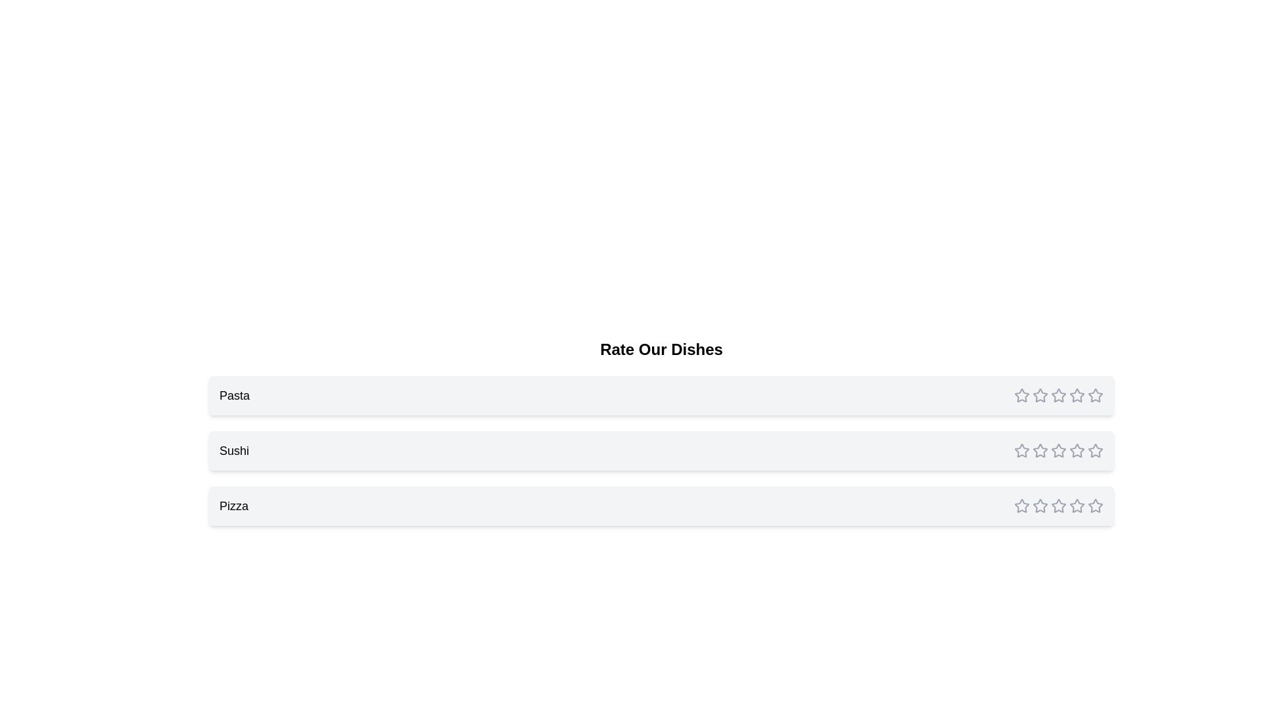  What do you see at coordinates (1021, 506) in the screenshot?
I see `the first Rating star icon for 'Pizza' to capture the user's rating input` at bounding box center [1021, 506].